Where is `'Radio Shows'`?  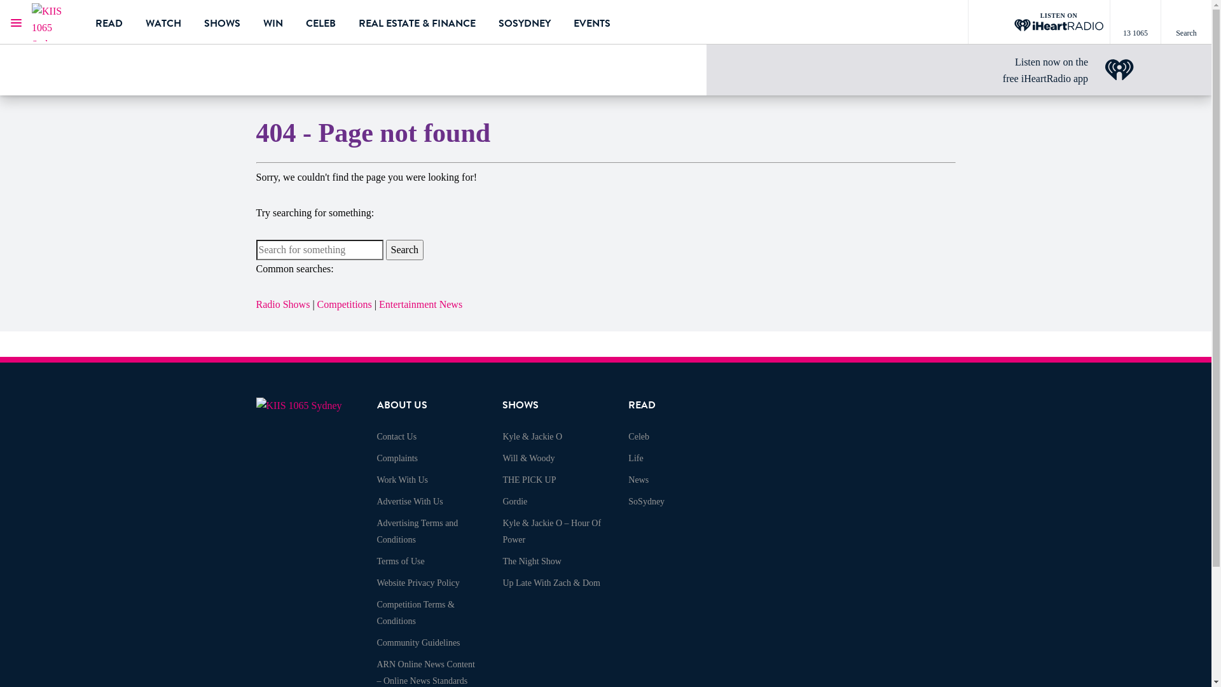
'Radio Shows' is located at coordinates (255, 304).